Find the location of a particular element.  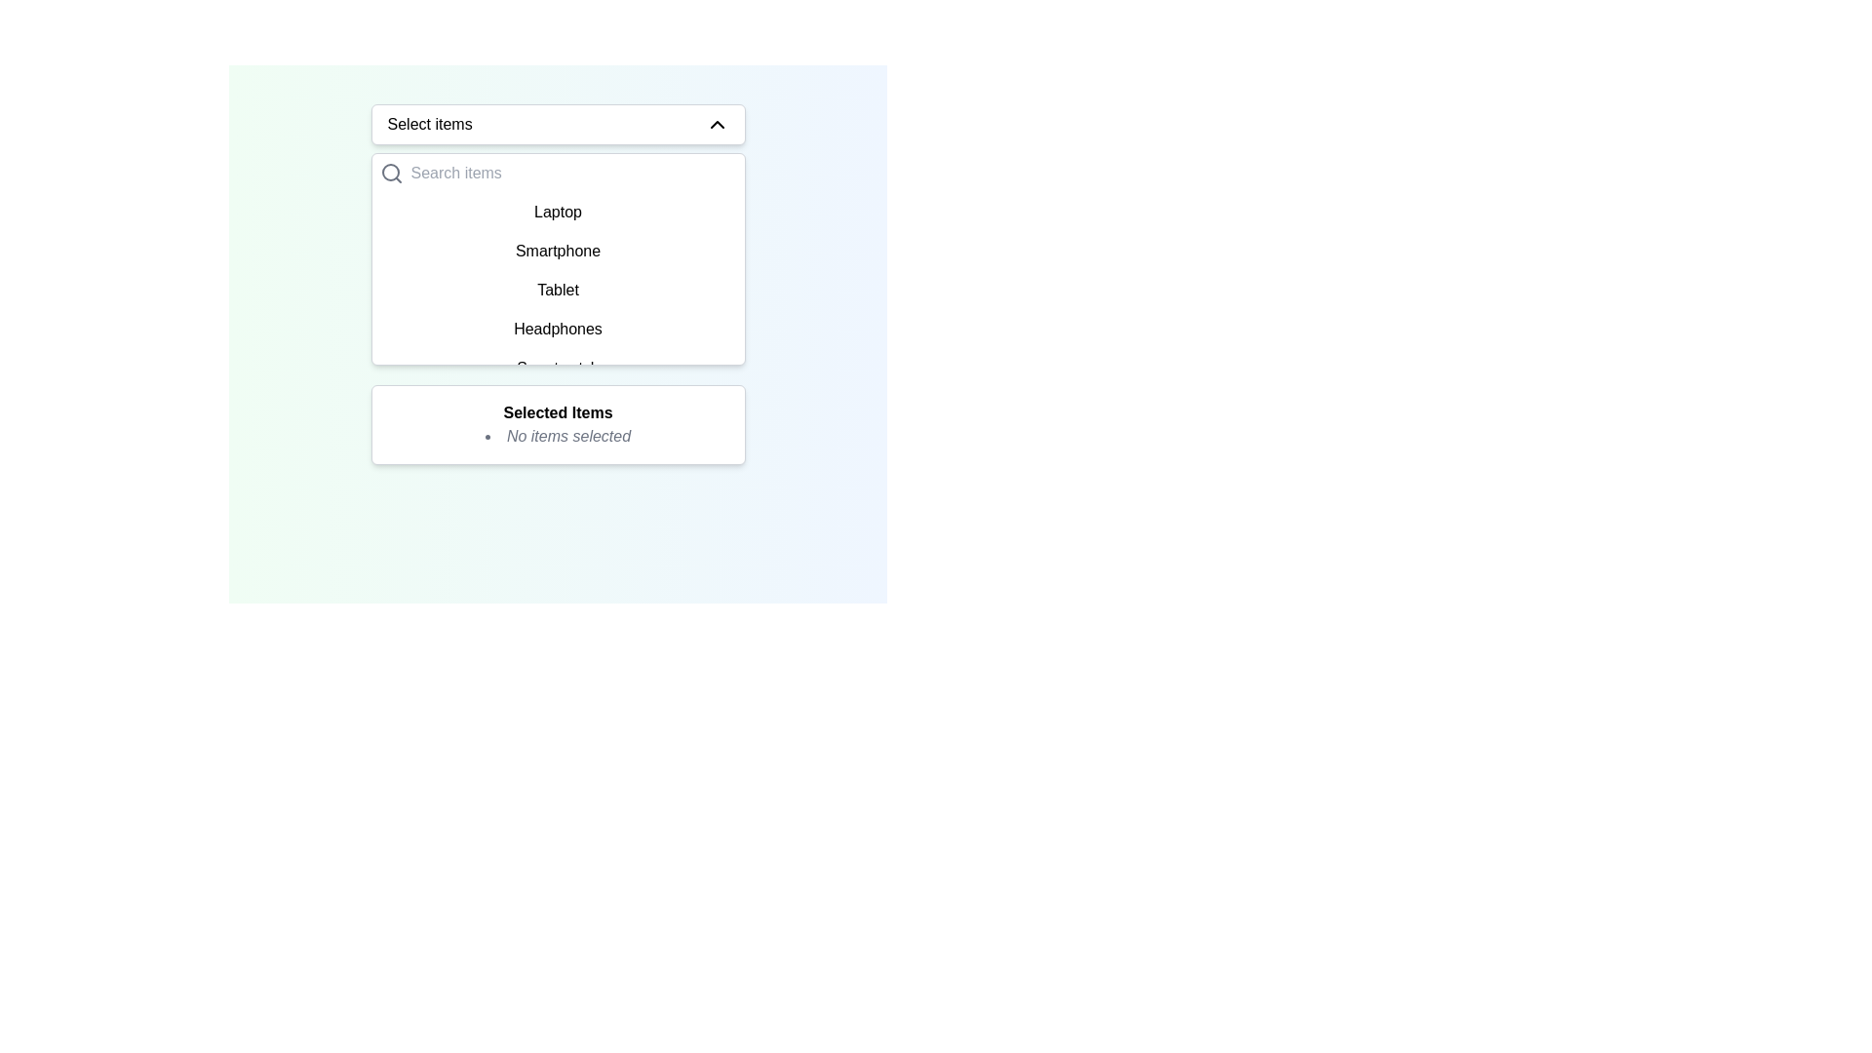

the static text with a bullet point indicating that no items are currently selected, located in the 'Selected Items' box is located at coordinates (557, 435).